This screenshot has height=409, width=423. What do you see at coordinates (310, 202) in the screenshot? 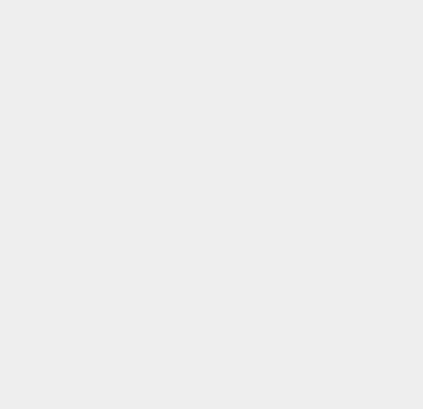
I see `'Emulator'` at bounding box center [310, 202].